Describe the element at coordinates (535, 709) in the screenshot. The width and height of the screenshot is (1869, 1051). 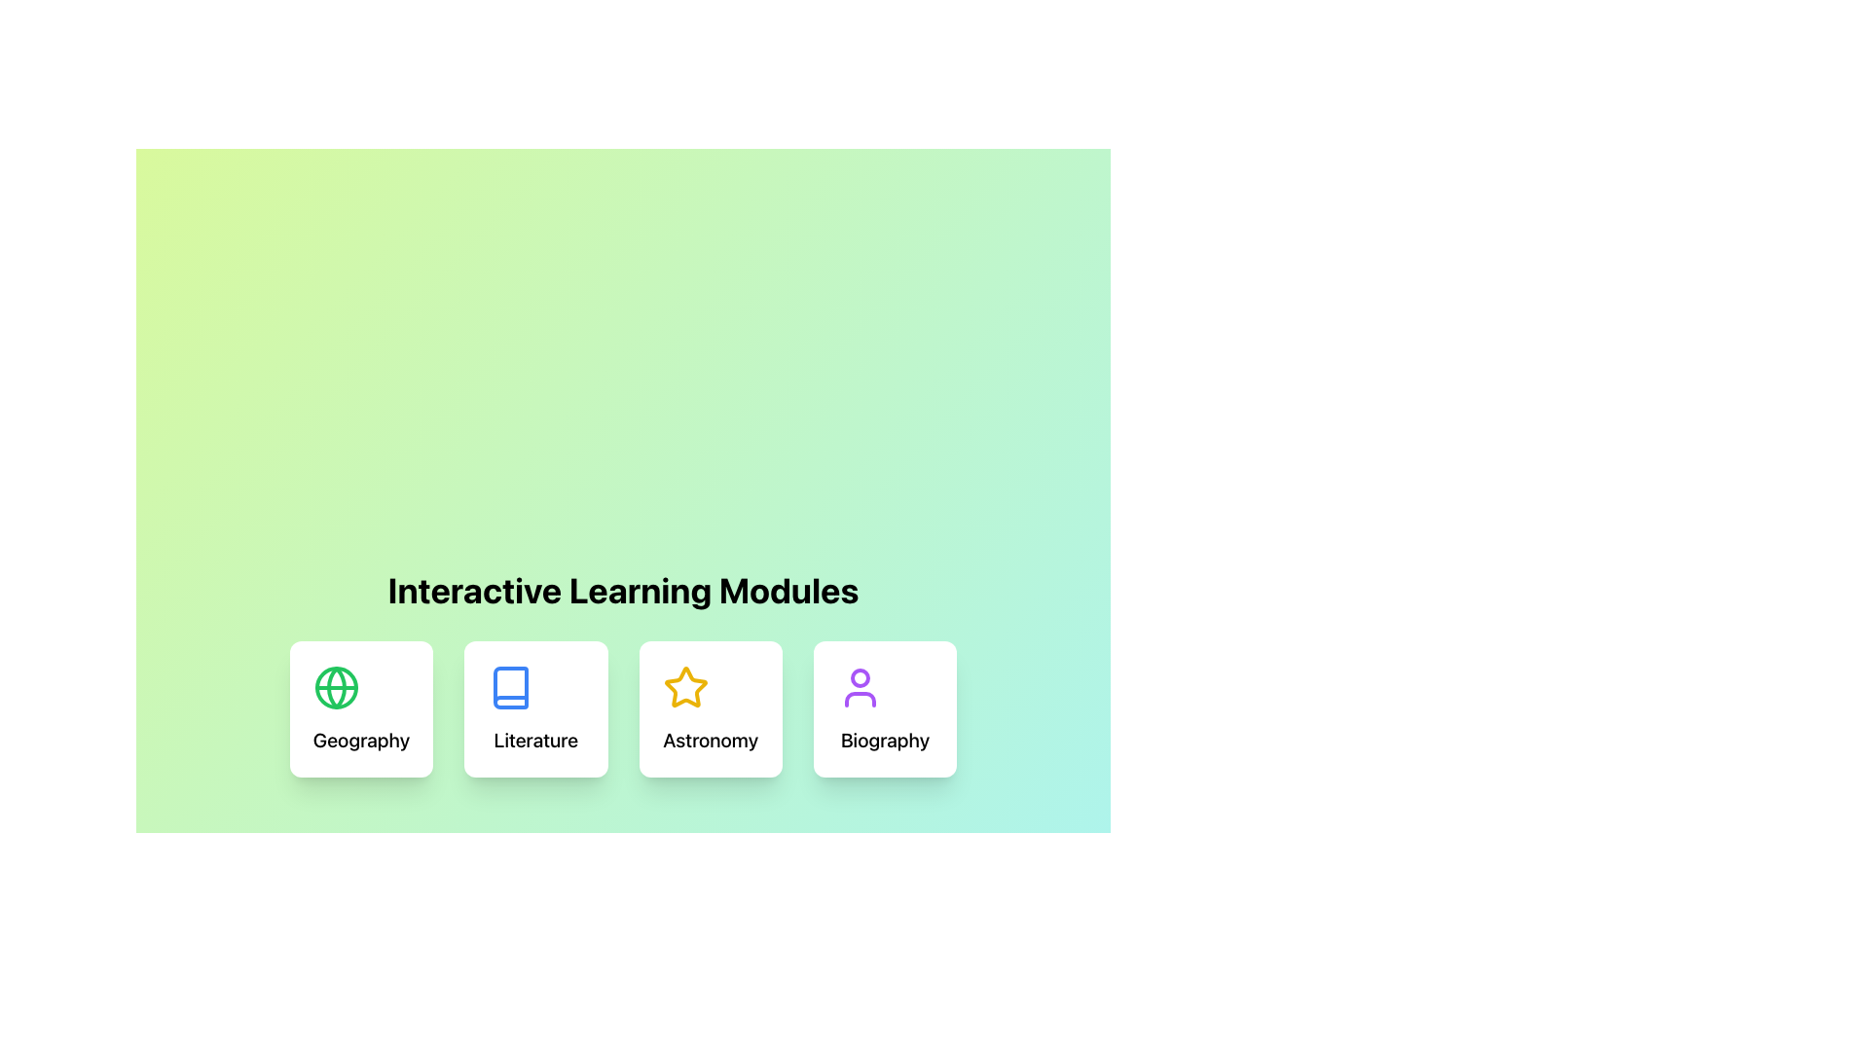
I see `the 'Literature' category card, which is the second card in a horizontal layout of four cards` at that location.